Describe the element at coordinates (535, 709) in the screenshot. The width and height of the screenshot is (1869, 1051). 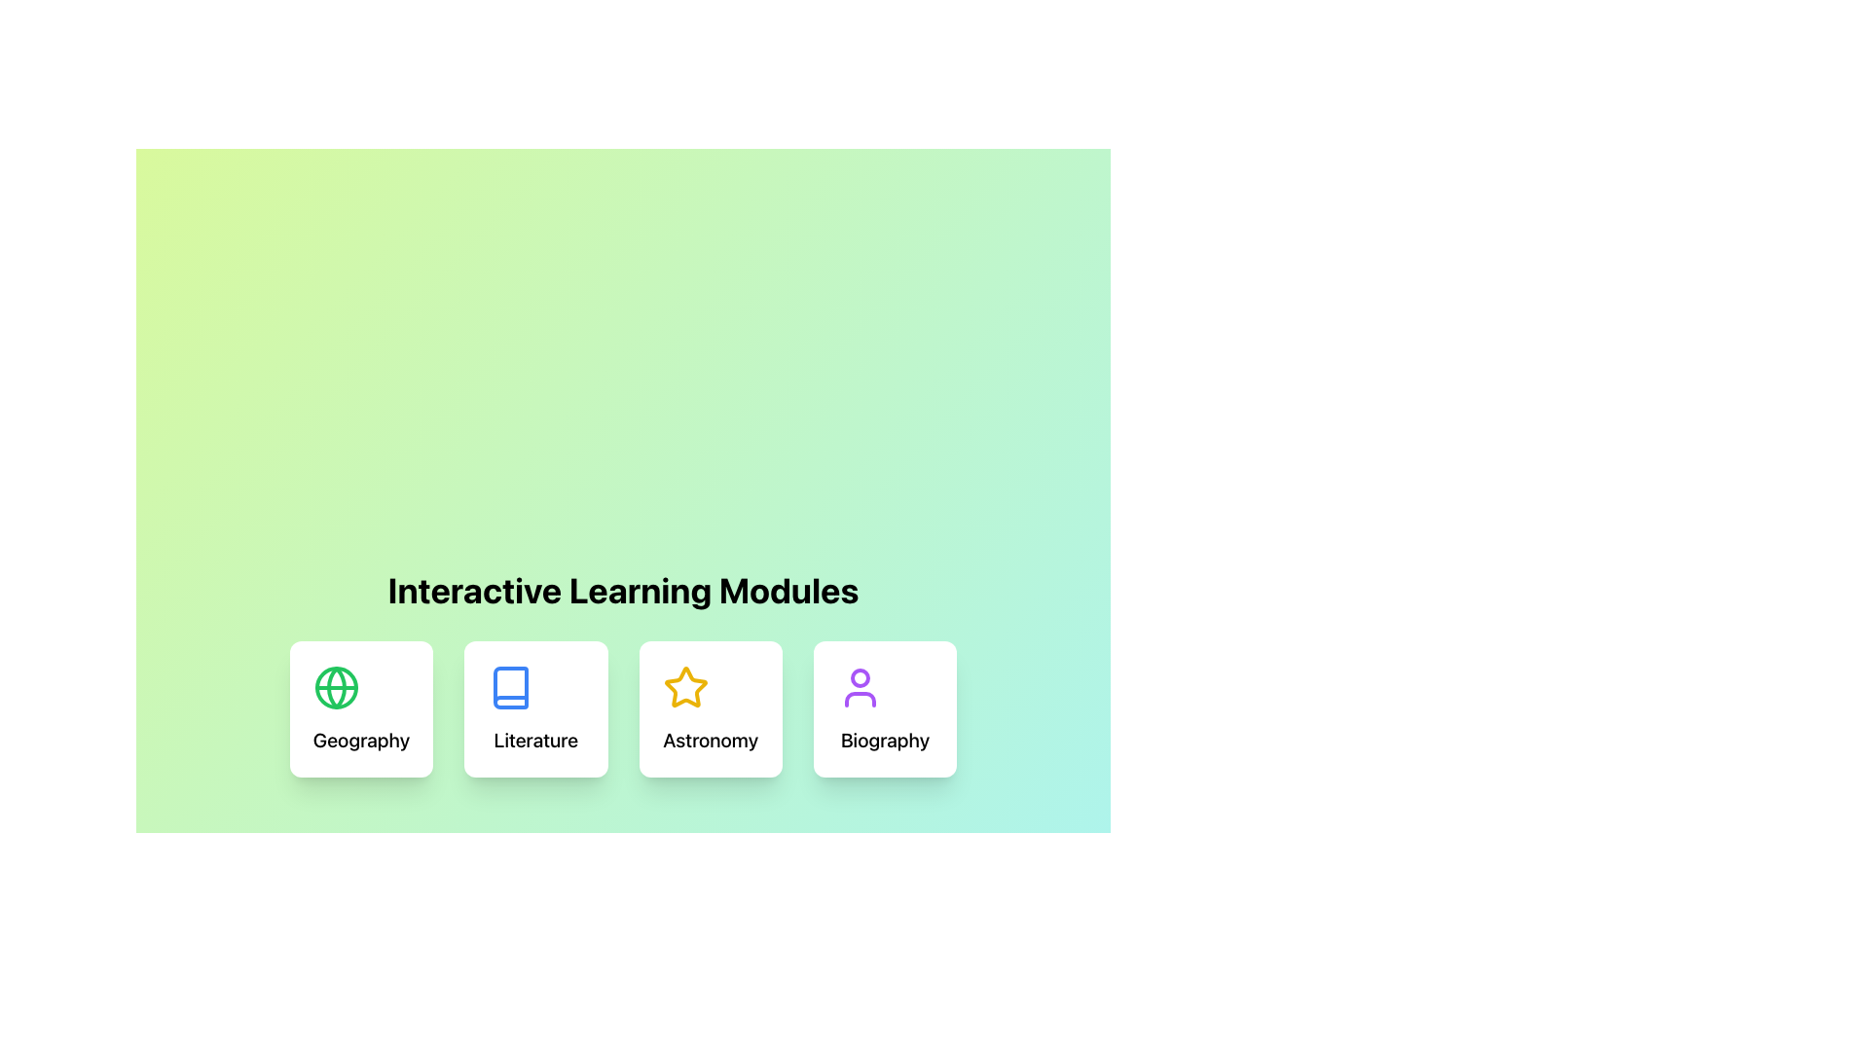
I see `the 'Literature' category card, which is the second card in a horizontal layout of four cards` at that location.